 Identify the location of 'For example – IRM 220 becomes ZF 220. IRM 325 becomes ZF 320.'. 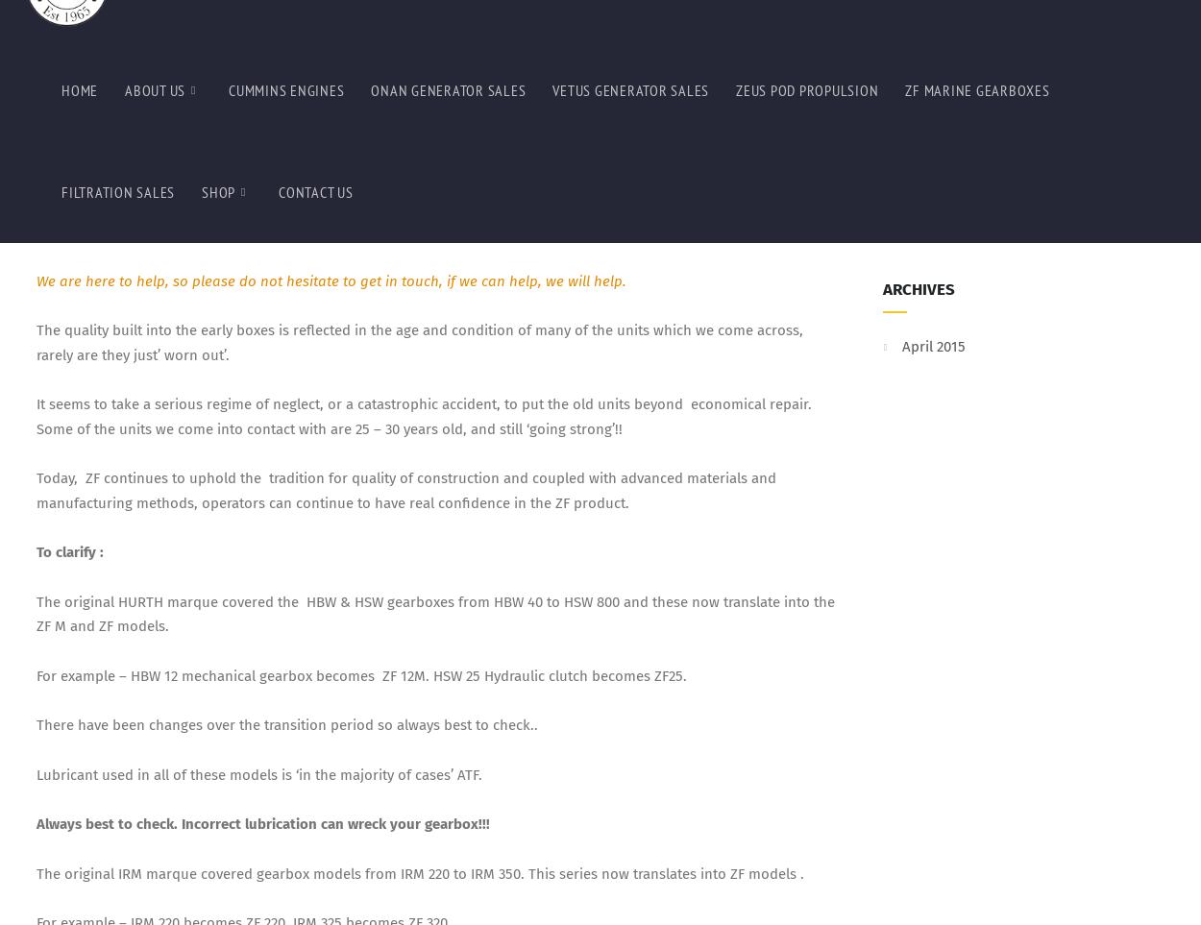
(36, 67).